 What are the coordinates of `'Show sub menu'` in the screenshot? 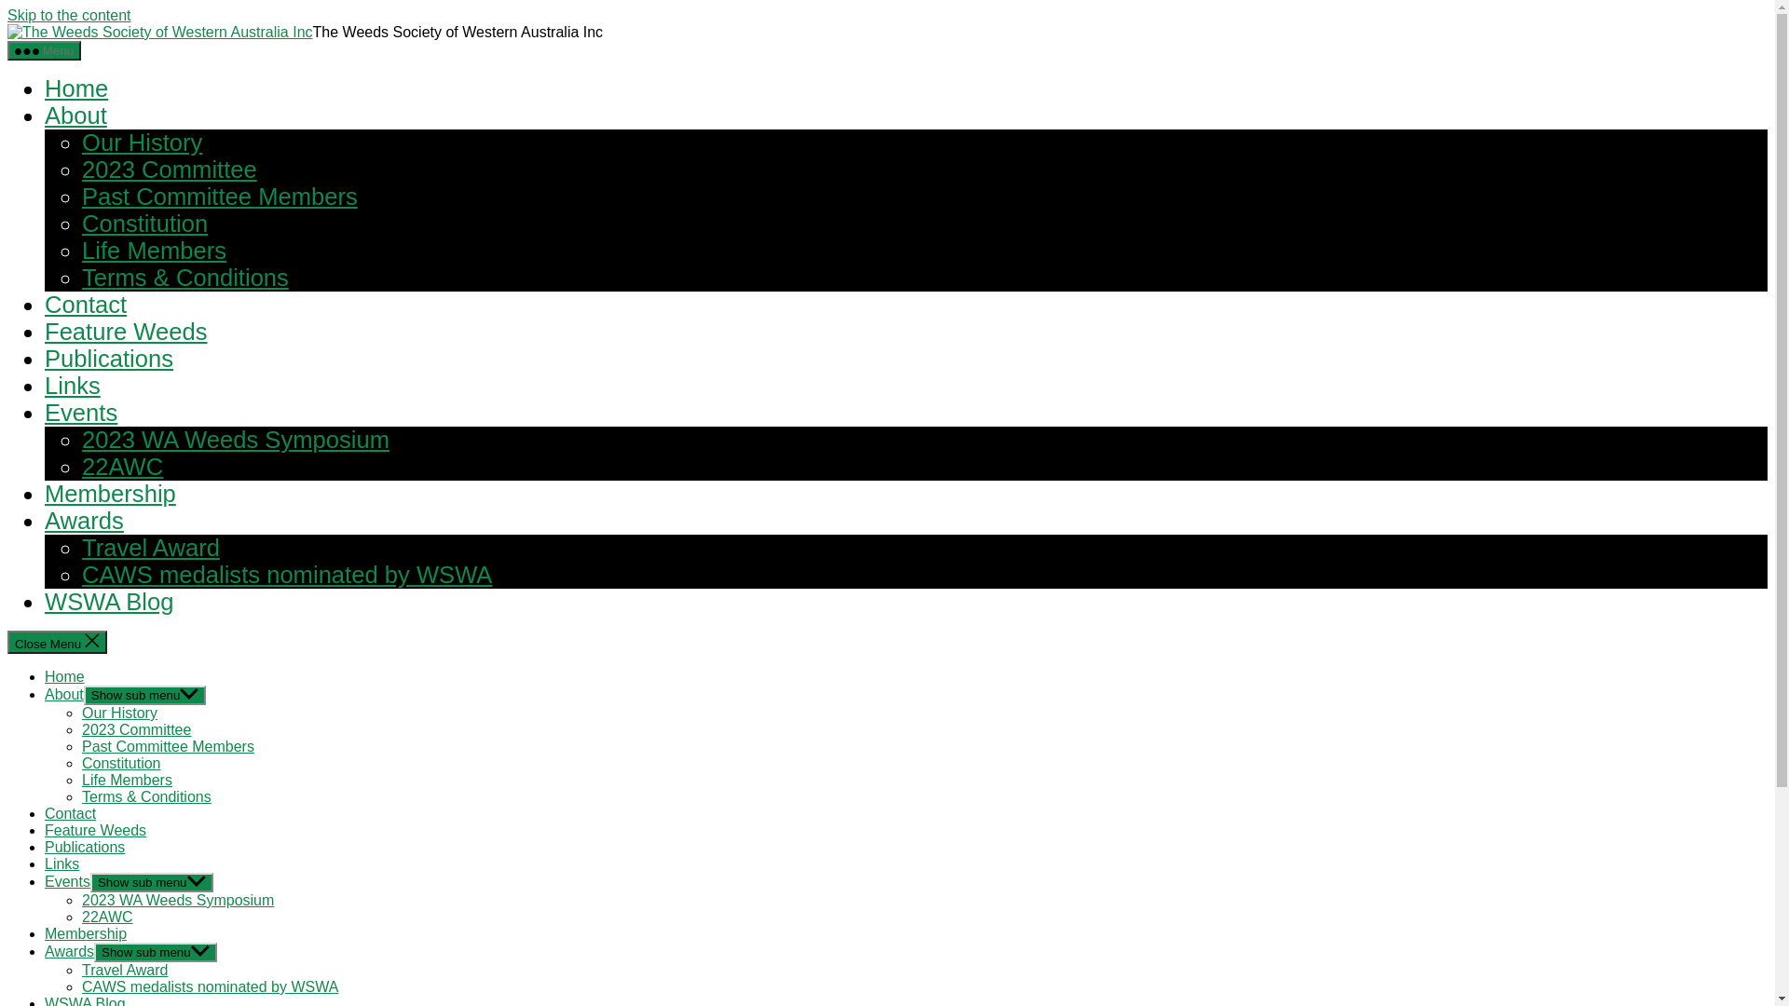 It's located at (144, 695).